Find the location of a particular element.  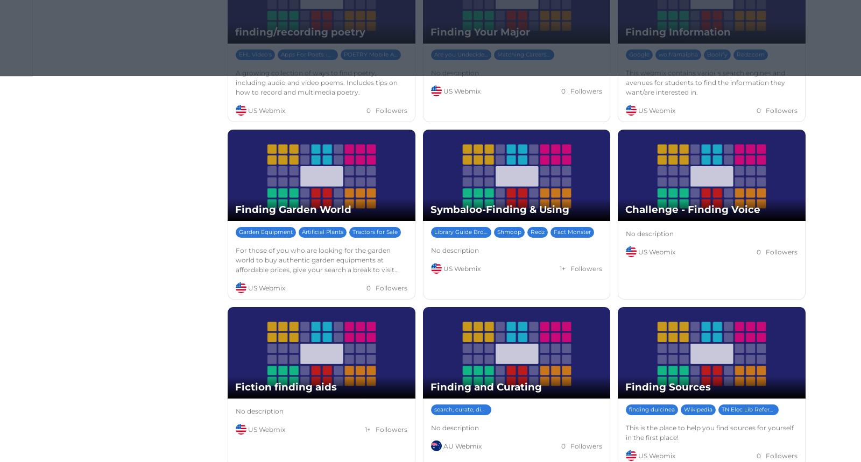

'CTE &amp; College Majors' is located at coordinates (470, 81).